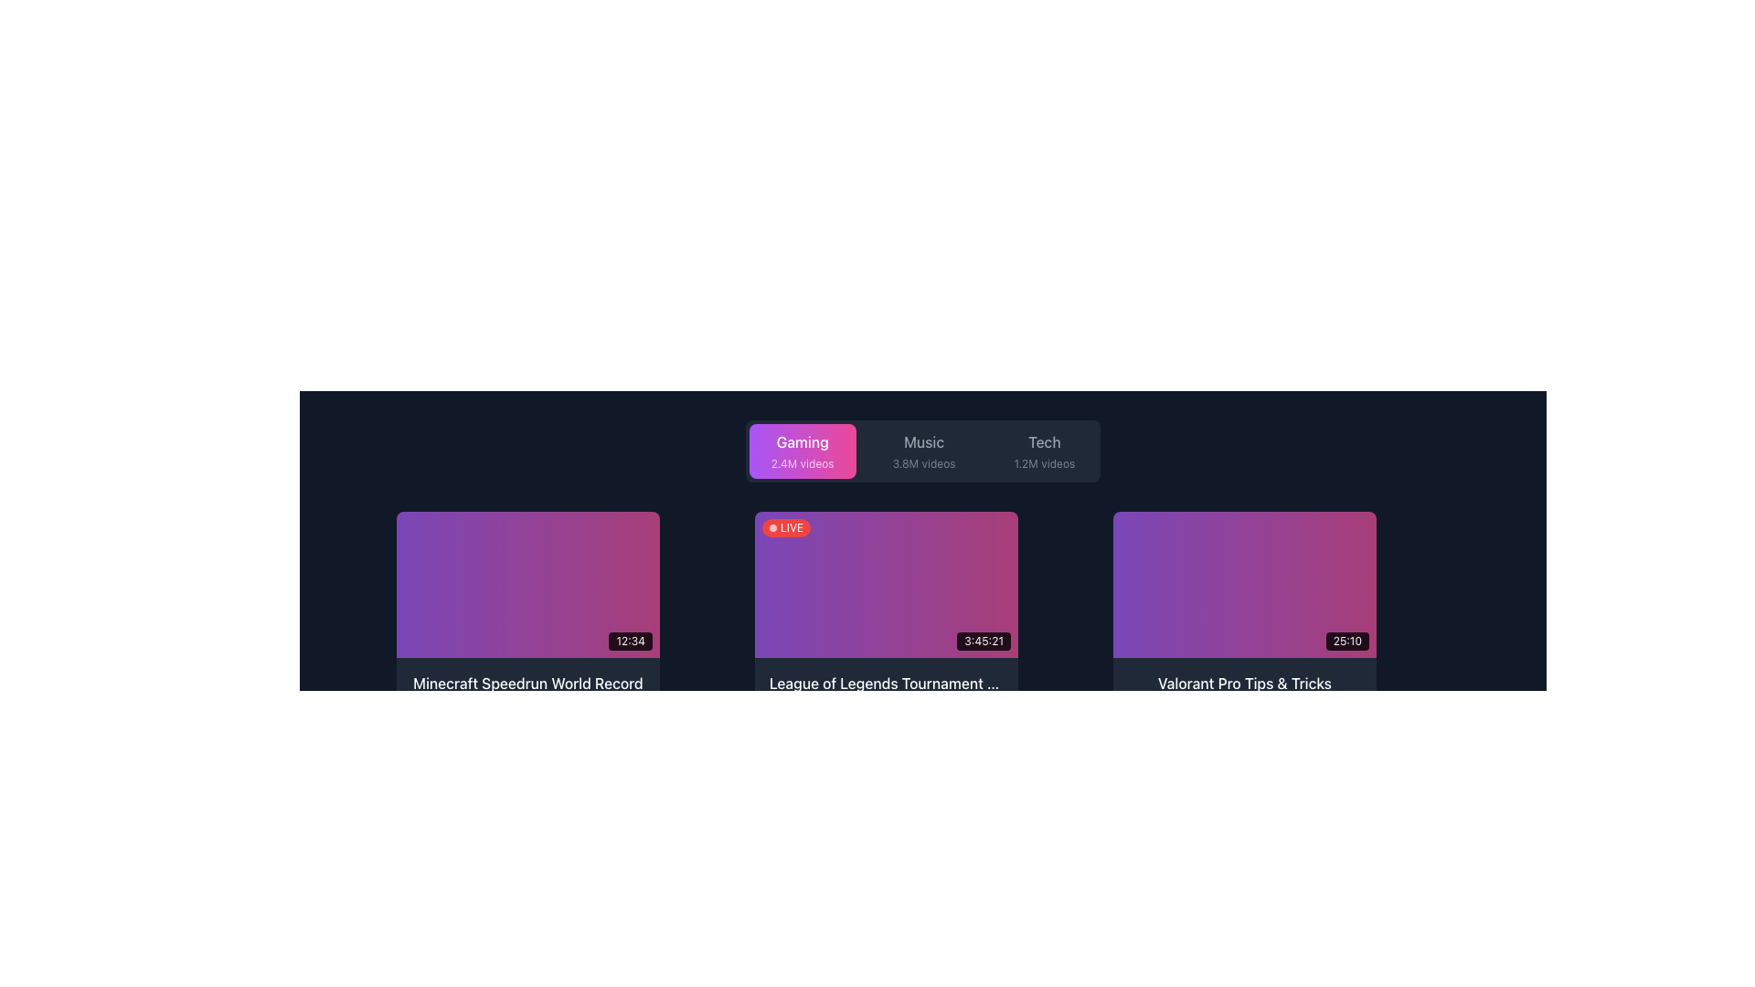 This screenshot has height=987, width=1755. I want to click on the 'Music' category label, so click(924, 451).